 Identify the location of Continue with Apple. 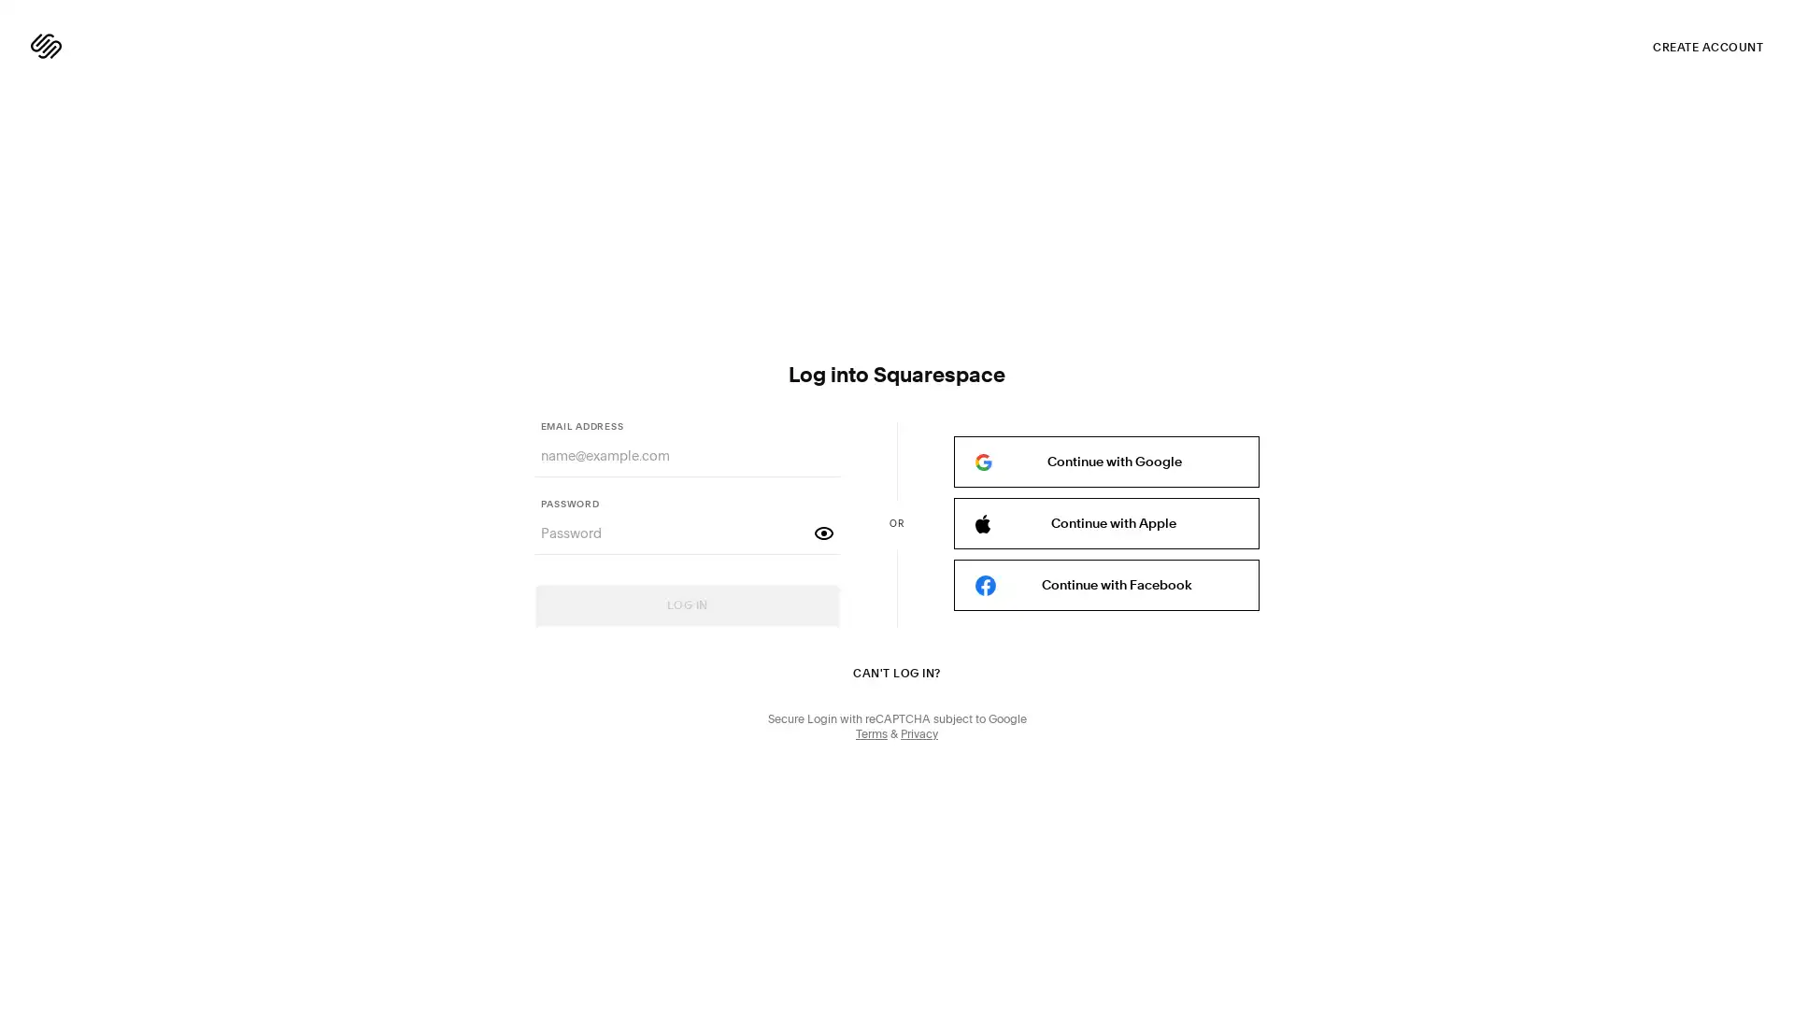
(1105, 523).